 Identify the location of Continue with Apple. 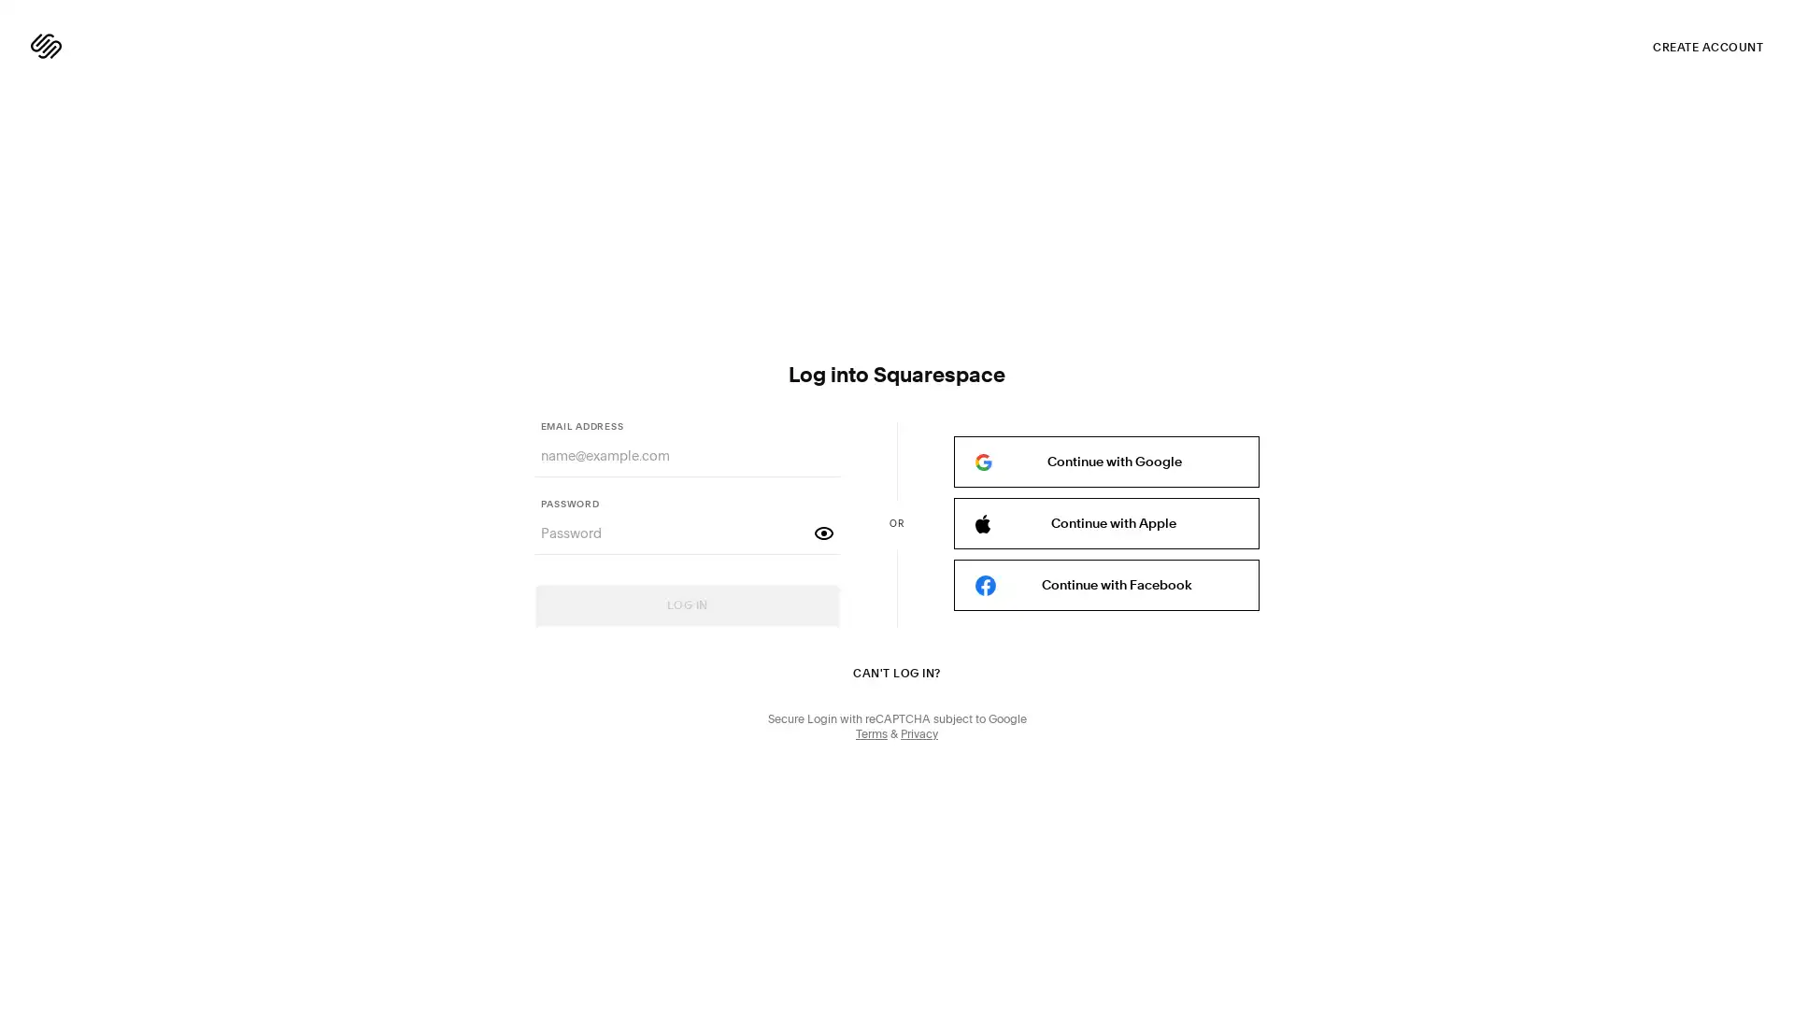
(1105, 523).